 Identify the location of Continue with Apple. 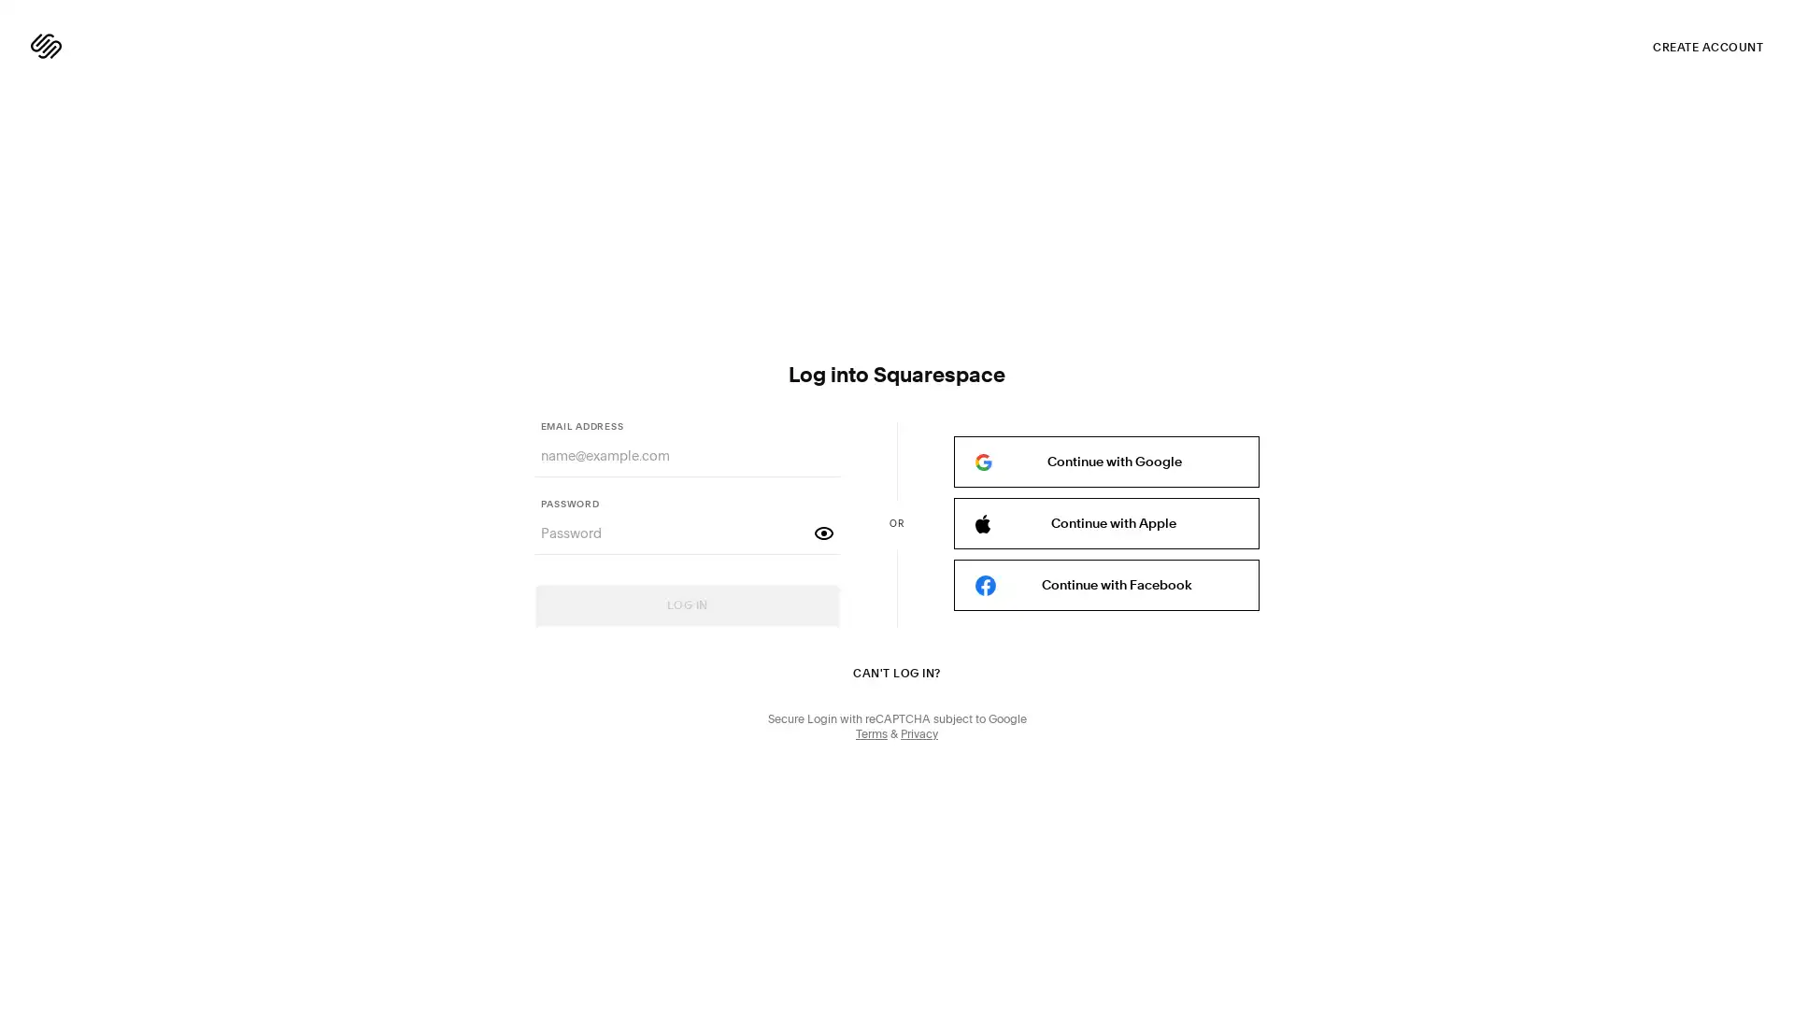
(1105, 523).